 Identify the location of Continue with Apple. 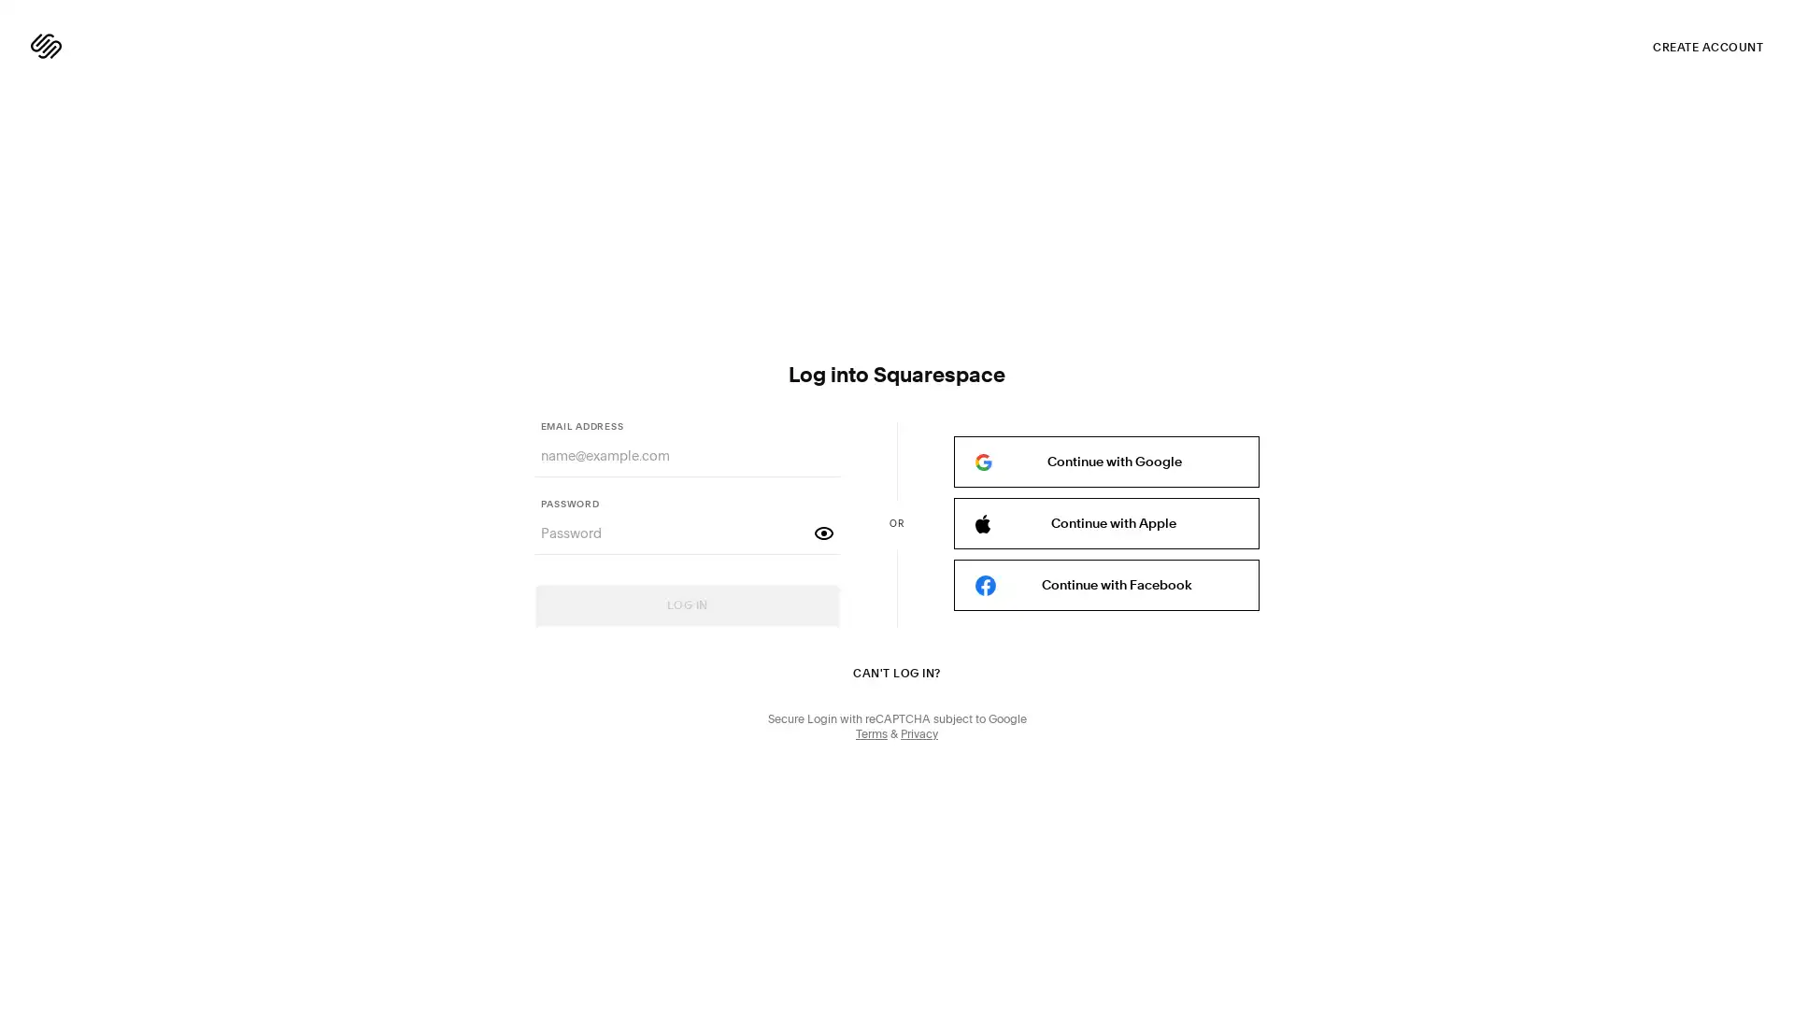
(1105, 523).